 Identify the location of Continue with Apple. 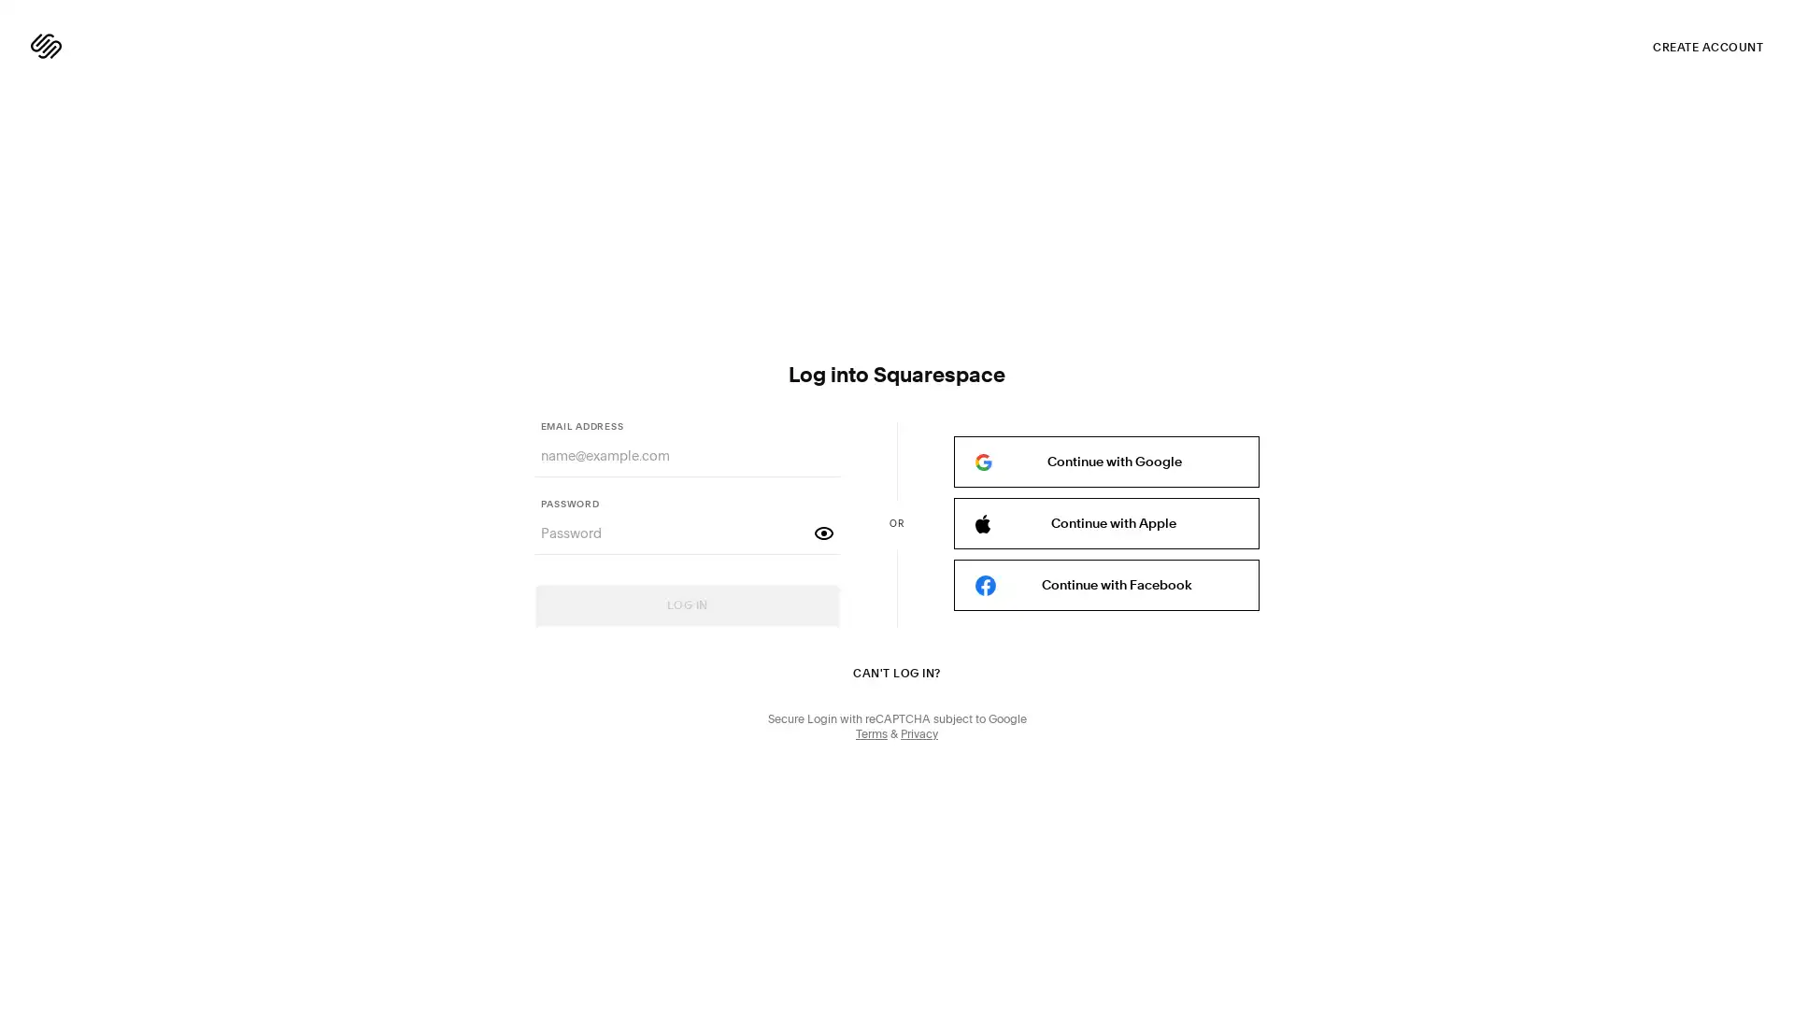
(1105, 523).